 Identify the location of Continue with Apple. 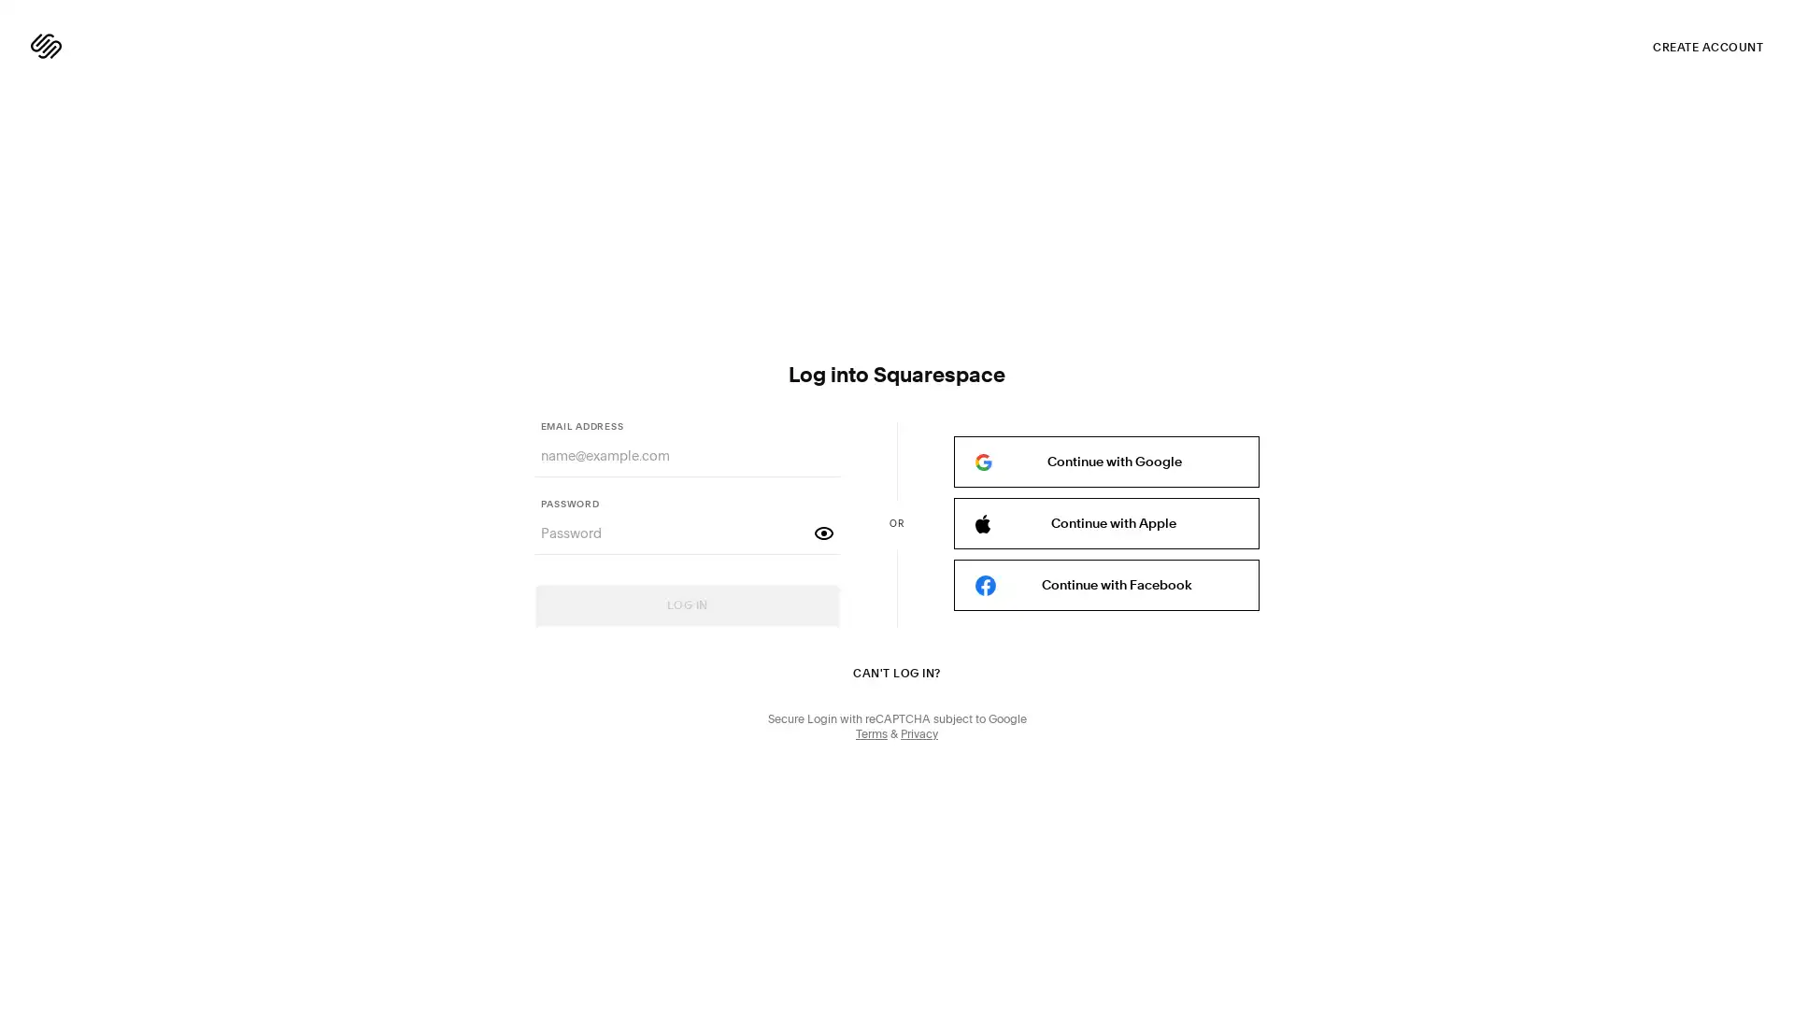
(1105, 523).